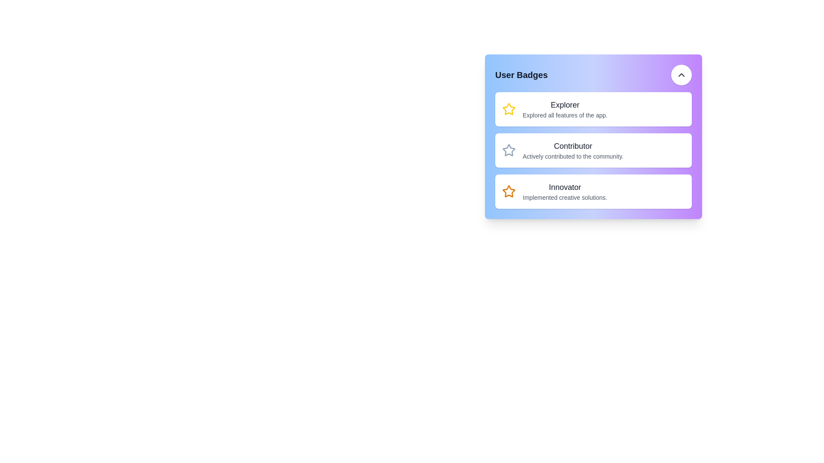  I want to click on the text label displaying 'Innovator' with the description 'Implemented creative solutions.' located in the User Badges component, specifically in the third row of vertically stacked badge entries, so click(565, 191).